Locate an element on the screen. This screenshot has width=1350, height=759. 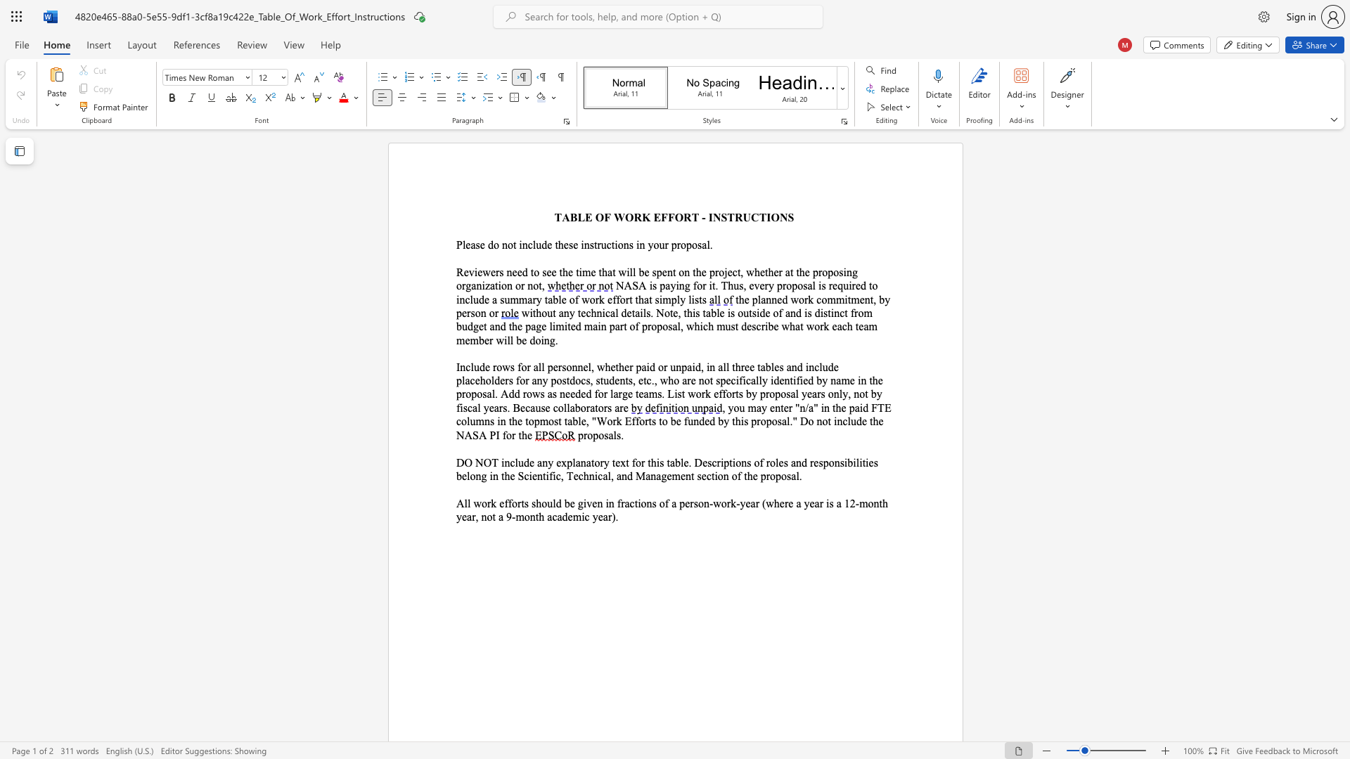
the space between the continuous character "t" and "i" in the text is located at coordinates (793, 380).